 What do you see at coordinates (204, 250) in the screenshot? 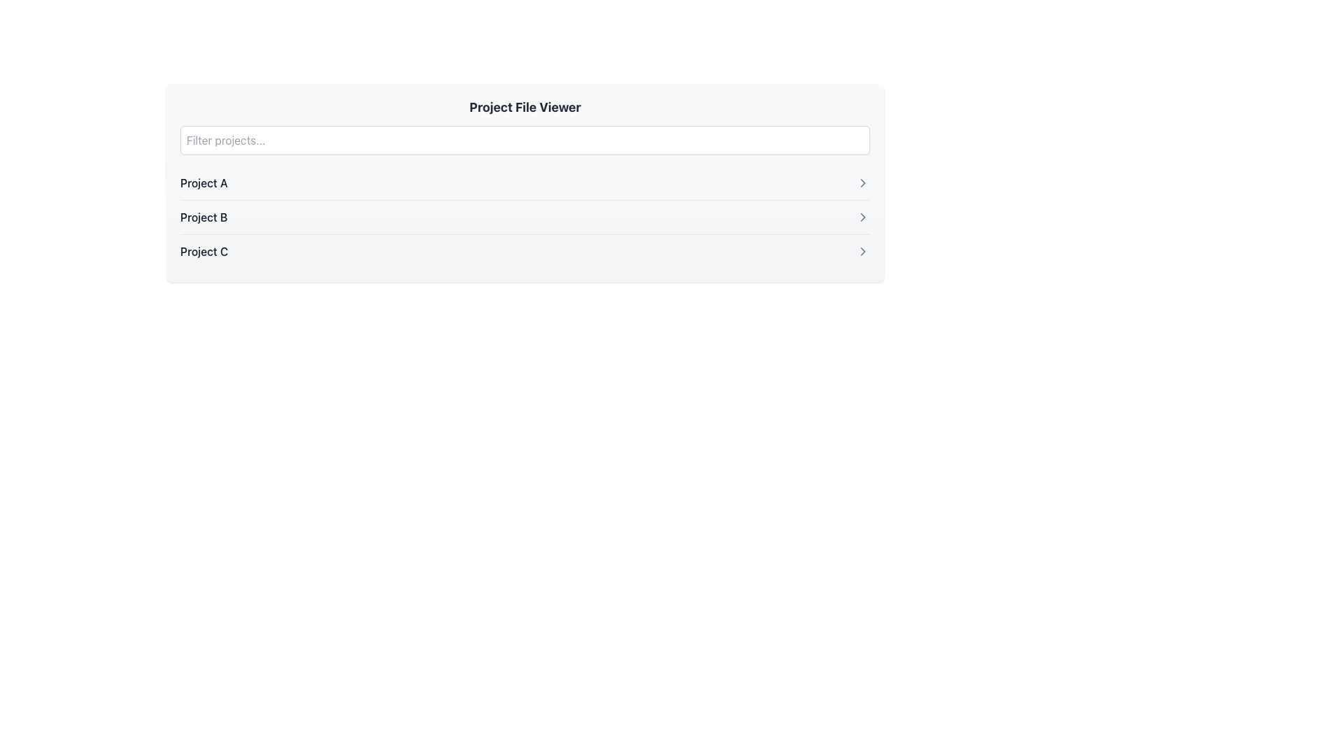
I see `the text label displaying 'Project C'` at bounding box center [204, 250].